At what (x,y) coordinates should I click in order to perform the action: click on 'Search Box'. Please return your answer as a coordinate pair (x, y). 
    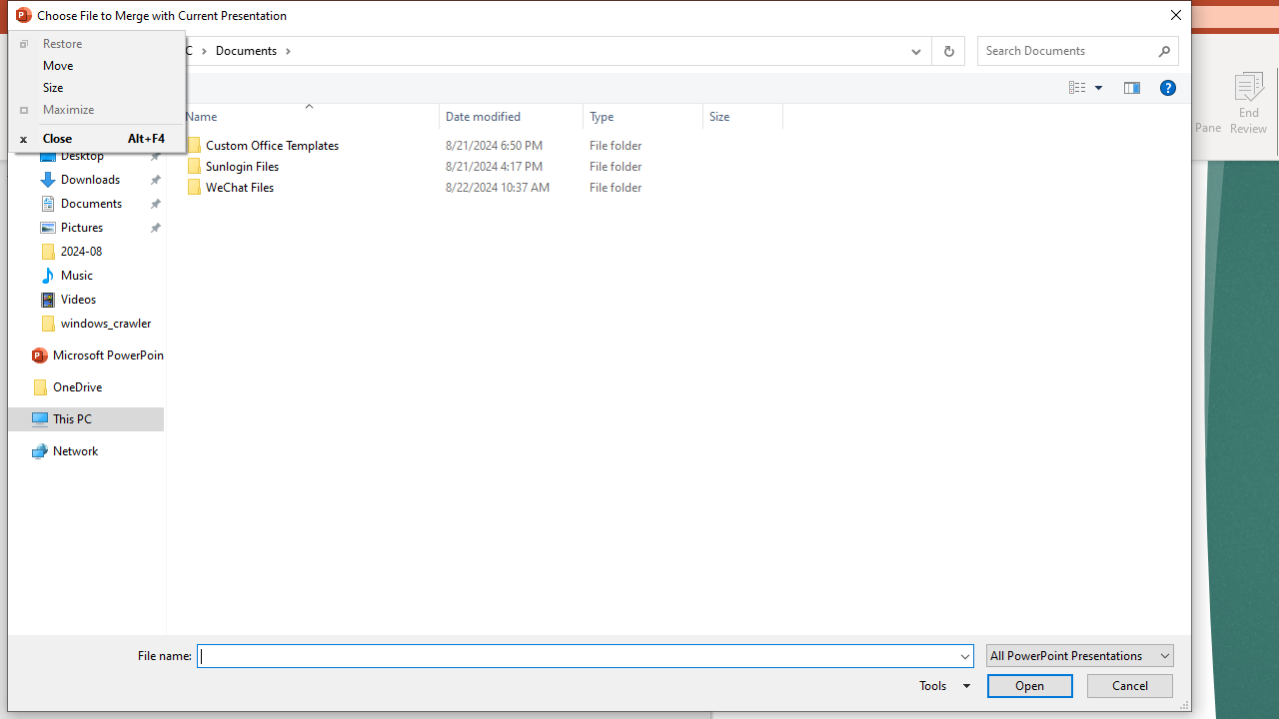
    Looking at the image, I should click on (1067, 49).